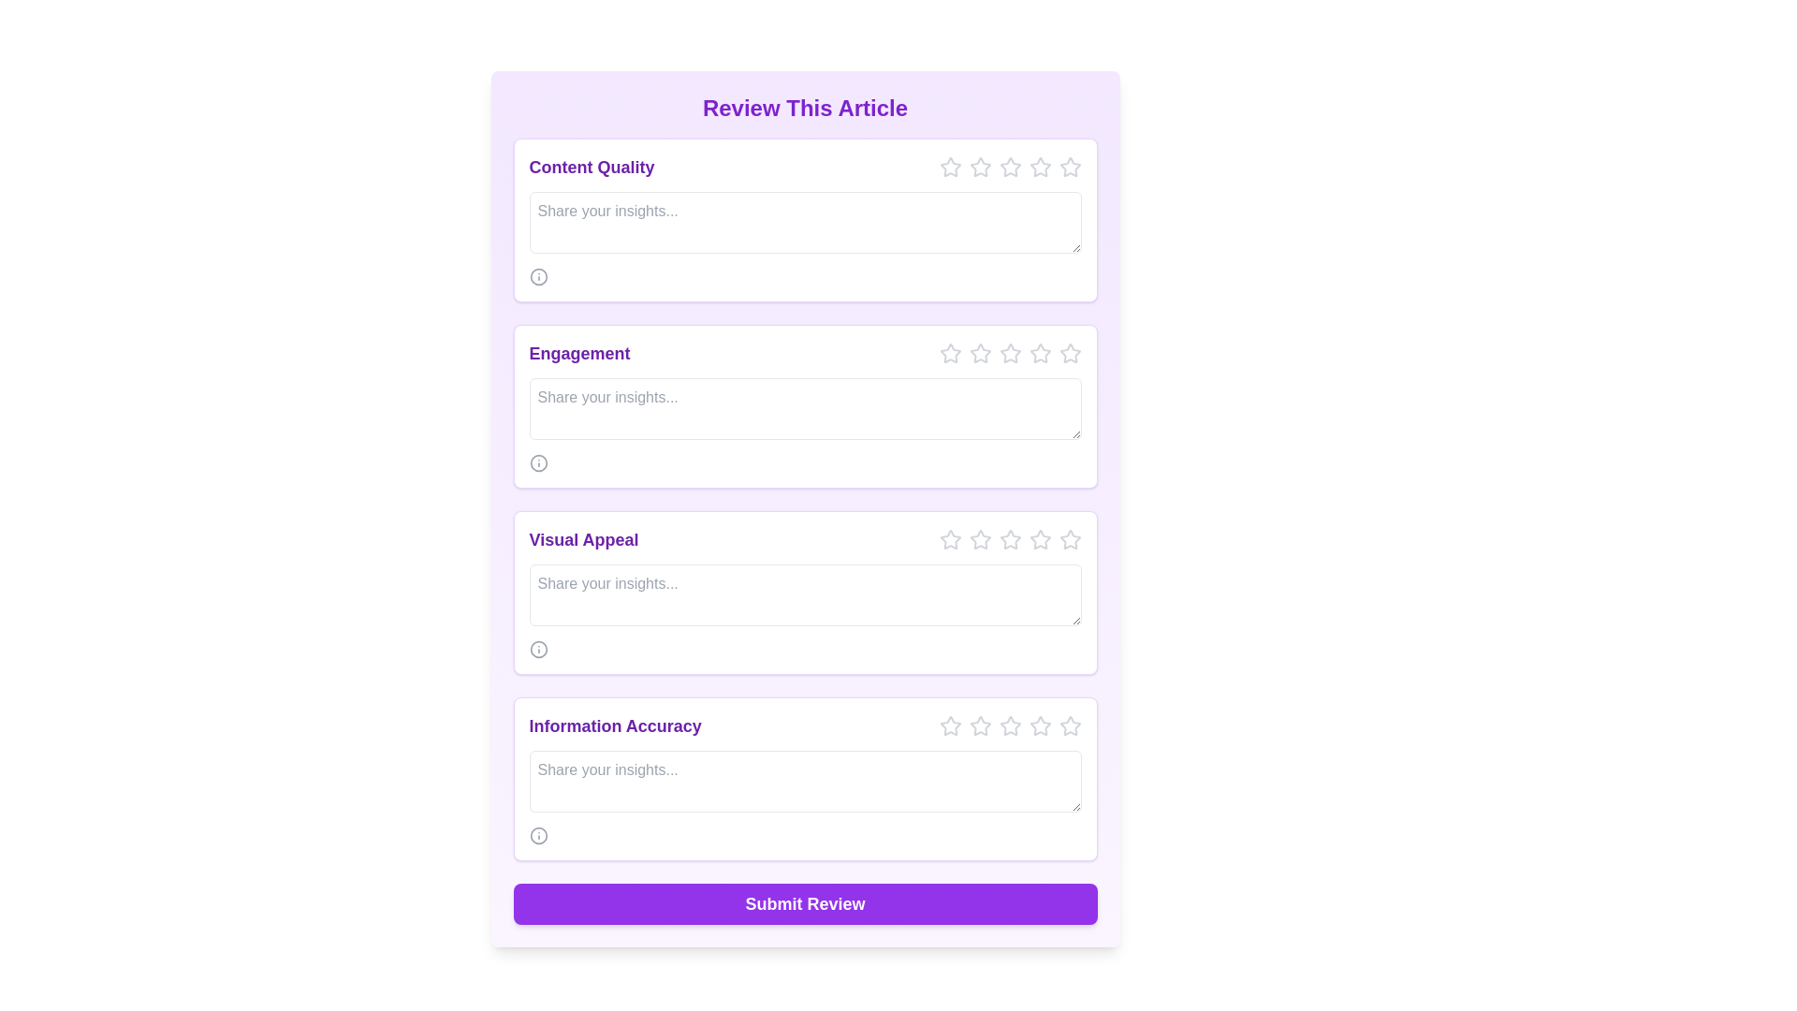  I want to click on the fifth star in the rating system located at the bottom of the 'Information Accuracy' review card, so click(1039, 725).